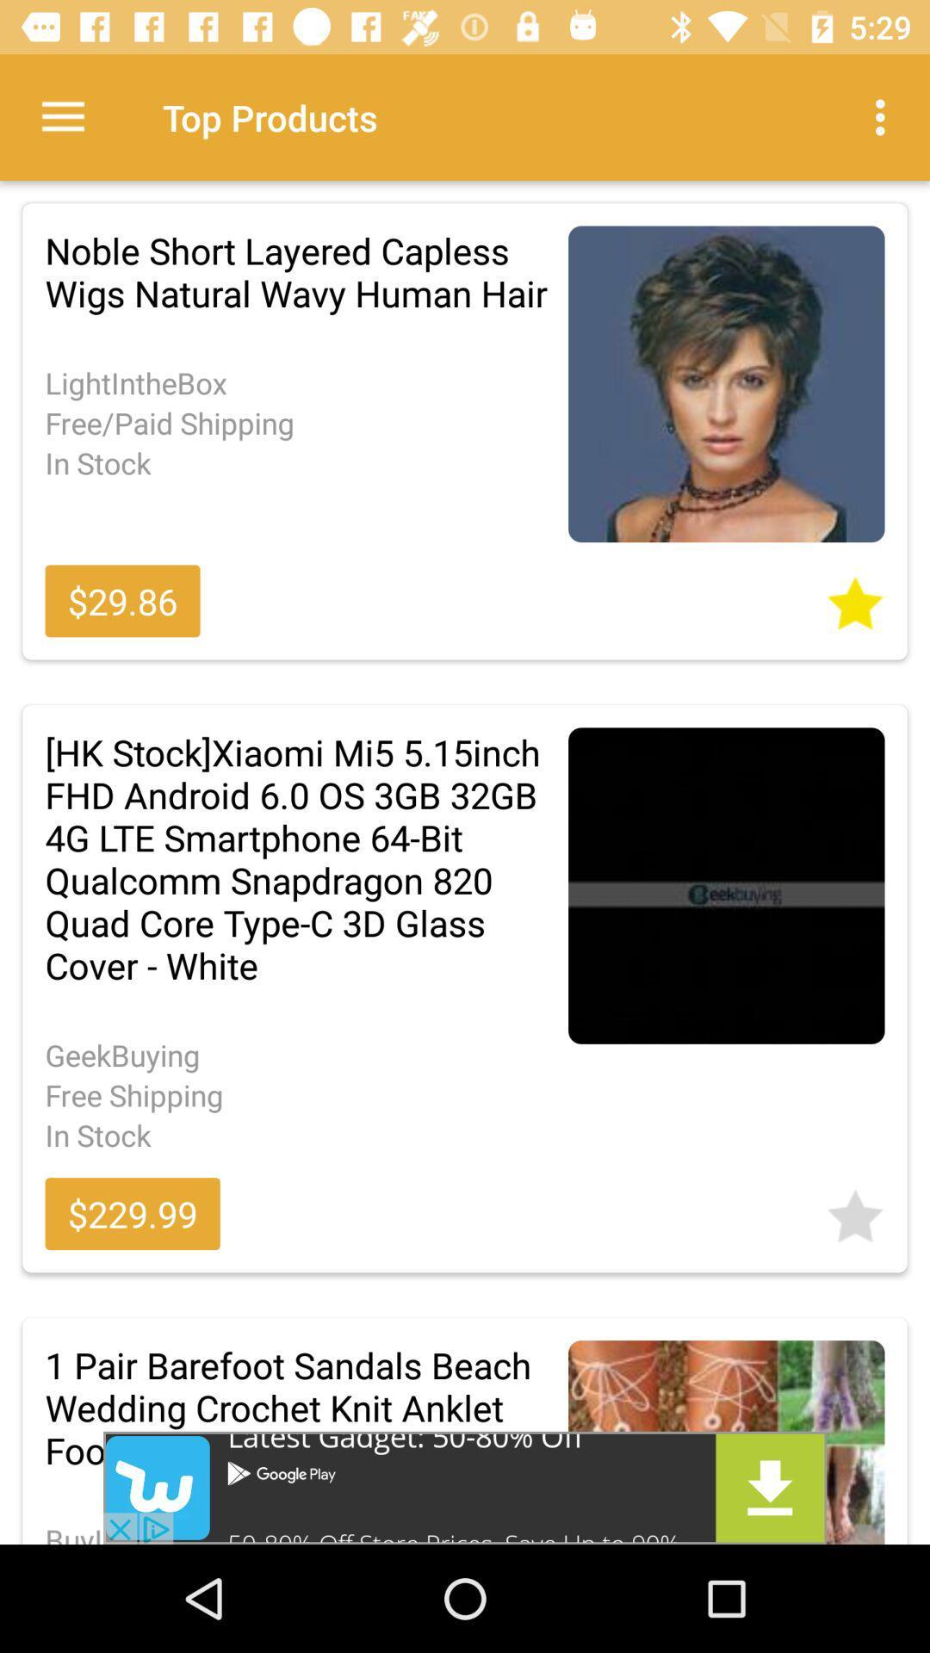  What do you see at coordinates (855, 597) in the screenshot?
I see `button` at bounding box center [855, 597].